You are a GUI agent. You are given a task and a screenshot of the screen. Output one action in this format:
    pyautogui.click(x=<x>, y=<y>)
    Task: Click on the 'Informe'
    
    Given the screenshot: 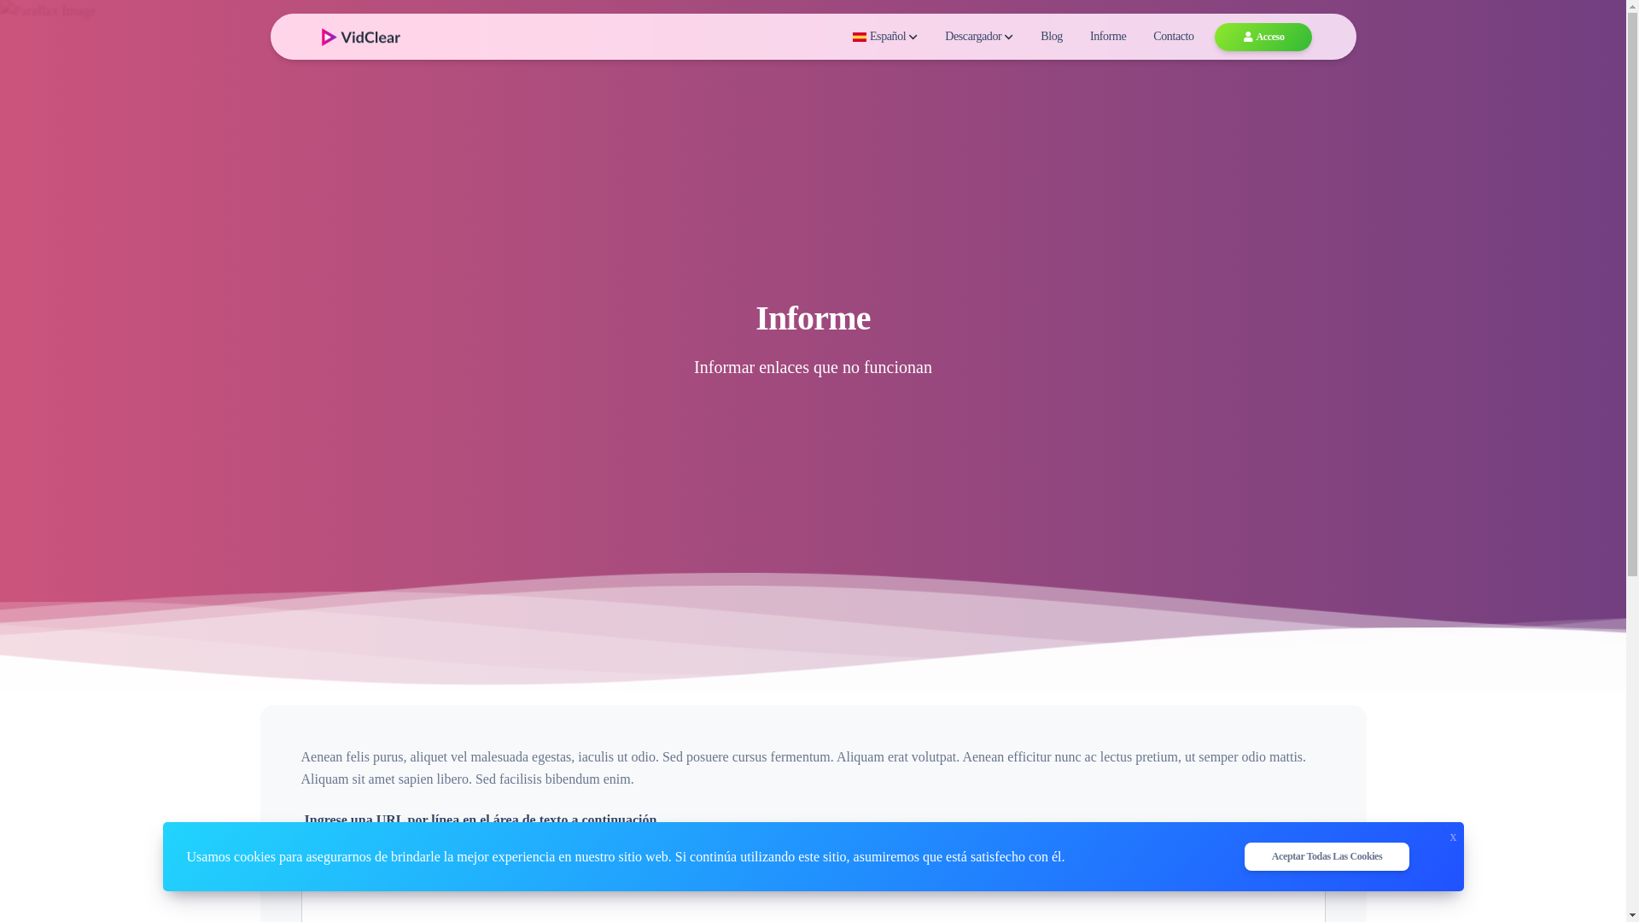 What is the action you would take?
    pyautogui.click(x=1107, y=36)
    